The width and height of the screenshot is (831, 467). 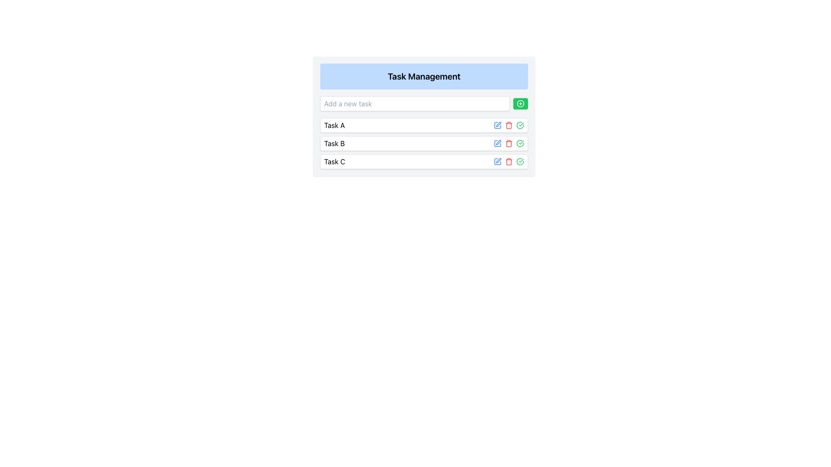 What do you see at coordinates (499, 124) in the screenshot?
I see `the edit button located to the right of the 'Task A' label to initiate editing` at bounding box center [499, 124].